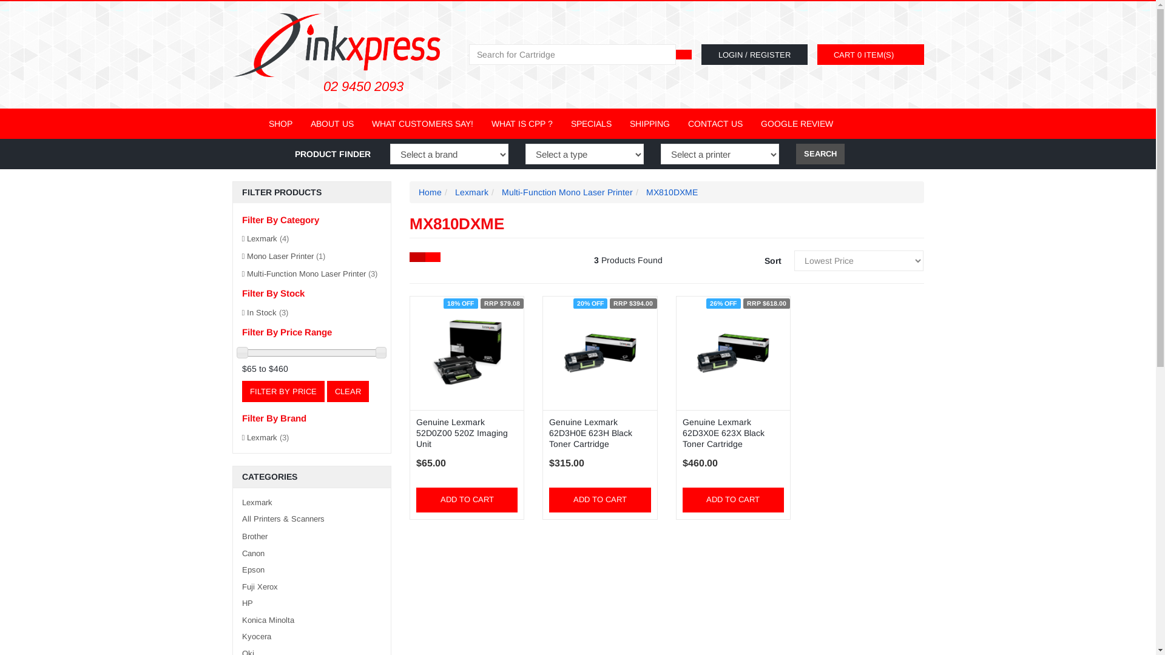  What do you see at coordinates (422, 124) in the screenshot?
I see `'WHAT CUSTOMERS SAY!'` at bounding box center [422, 124].